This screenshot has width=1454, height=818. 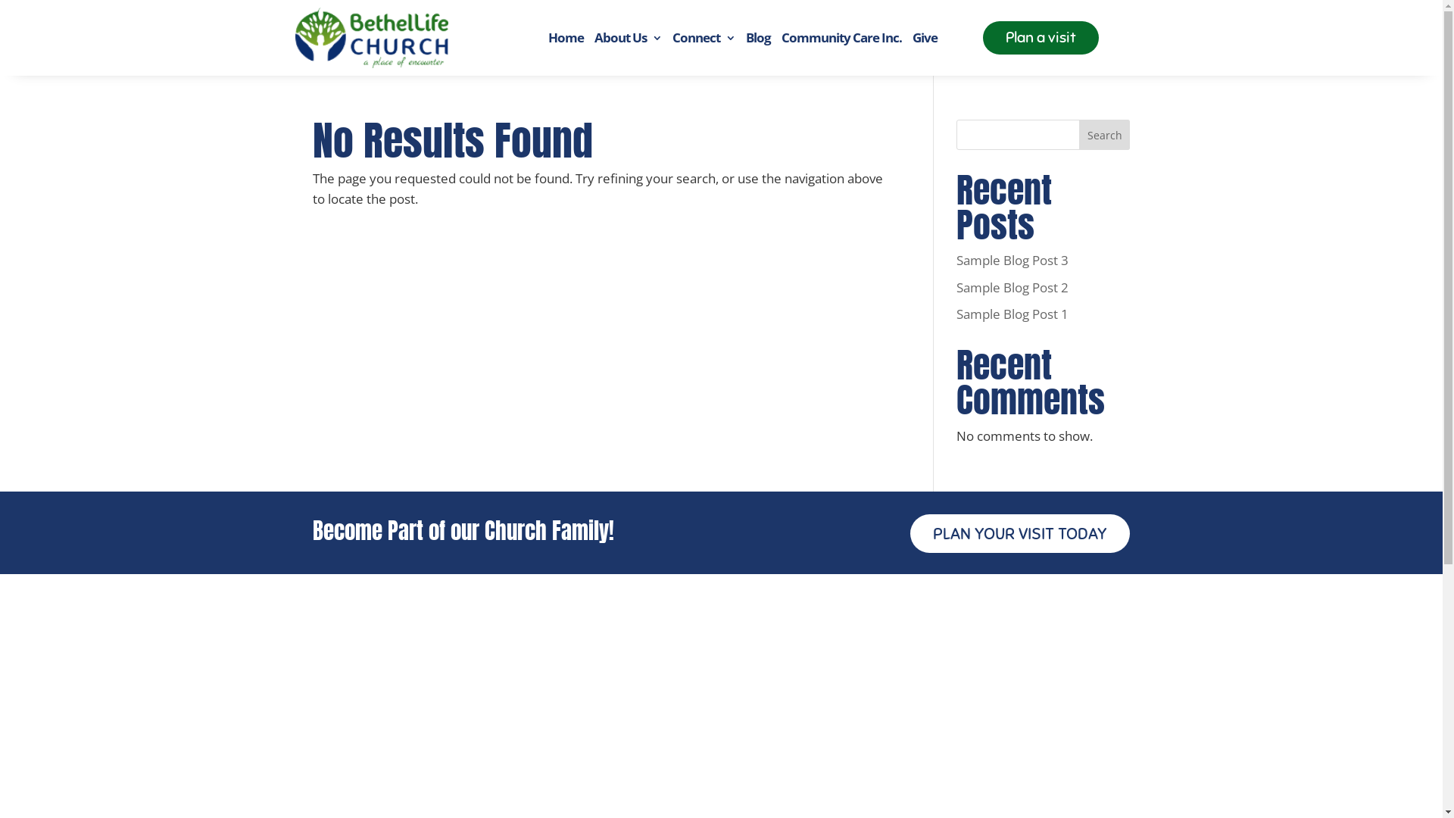 I want to click on 'Sample Blog Post 3', so click(x=1012, y=259).